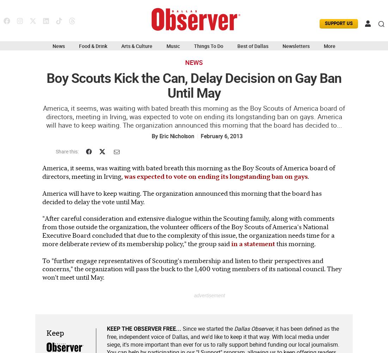  I want to click on 'in a statement', so click(253, 243).